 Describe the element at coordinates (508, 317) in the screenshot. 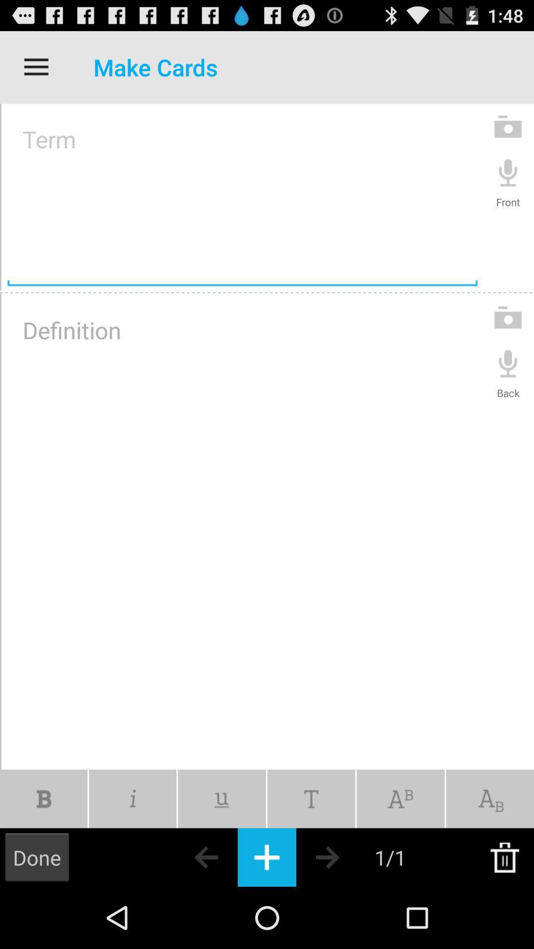

I see `instesd of take a photo use camera` at that location.